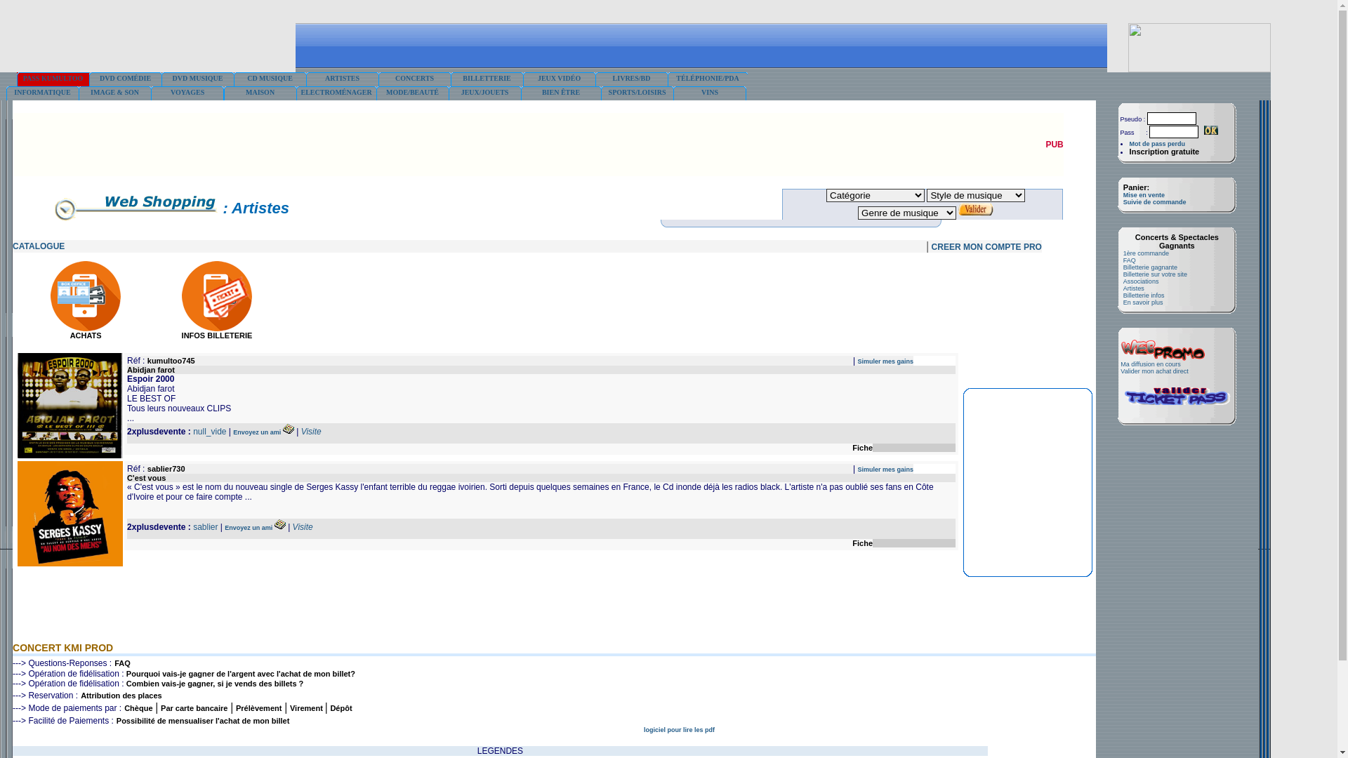 The width and height of the screenshot is (1348, 758). What do you see at coordinates (1122, 202) in the screenshot?
I see `'Suivie de commande'` at bounding box center [1122, 202].